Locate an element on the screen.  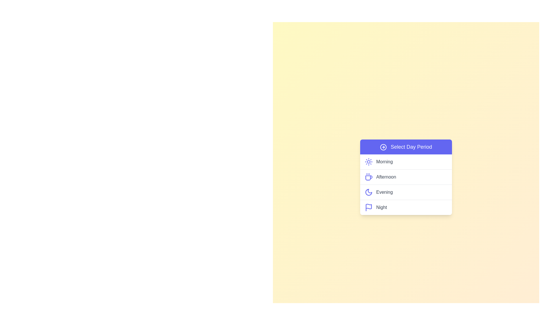
the day period Night from the menu is located at coordinates (406, 207).